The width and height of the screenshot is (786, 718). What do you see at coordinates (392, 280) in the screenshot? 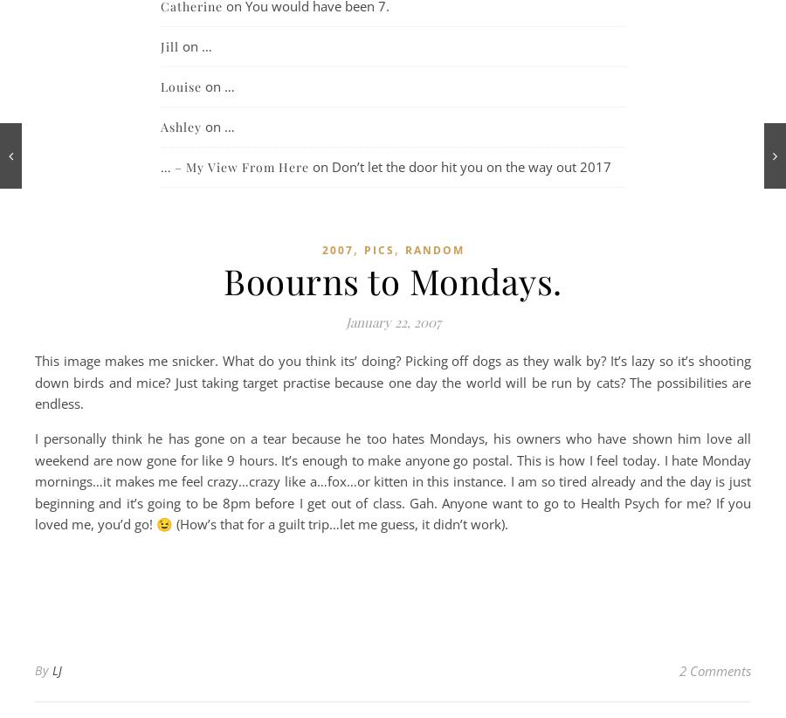
I see `'Boourns to Mondays.'` at bounding box center [392, 280].